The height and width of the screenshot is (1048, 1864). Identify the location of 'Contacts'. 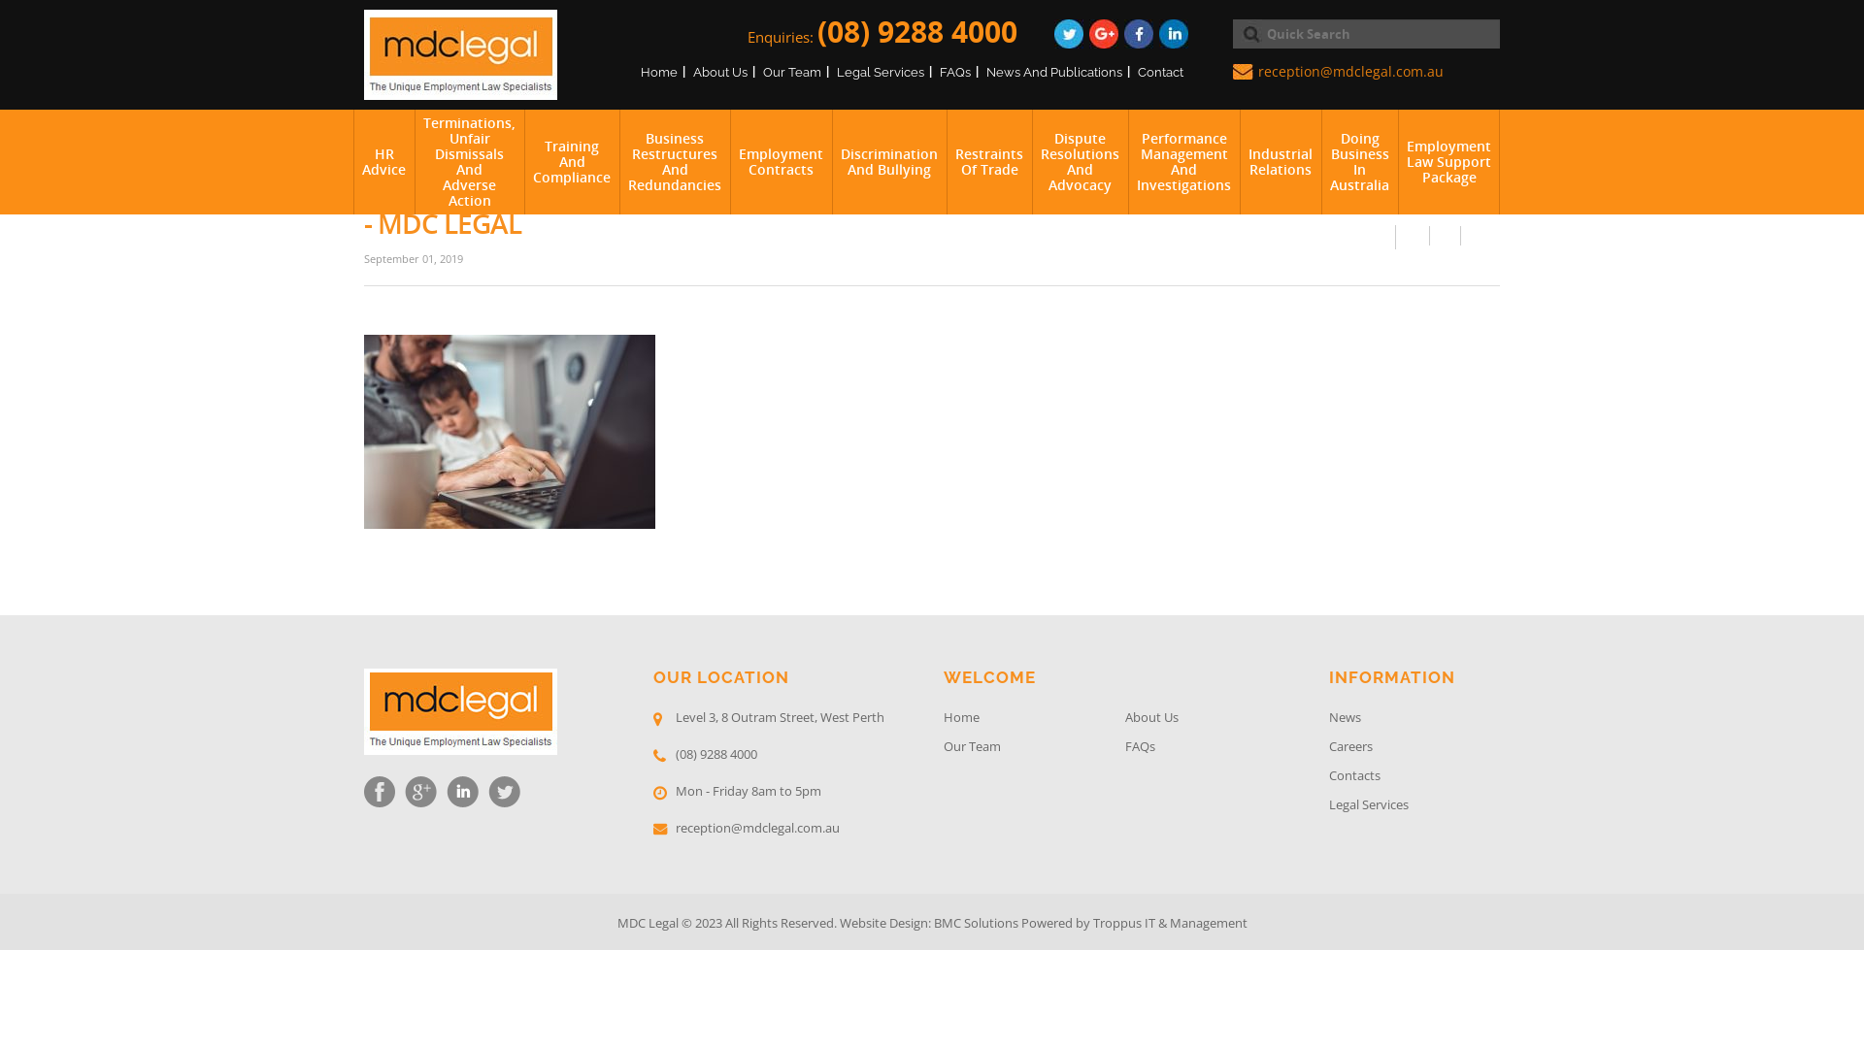
(1415, 777).